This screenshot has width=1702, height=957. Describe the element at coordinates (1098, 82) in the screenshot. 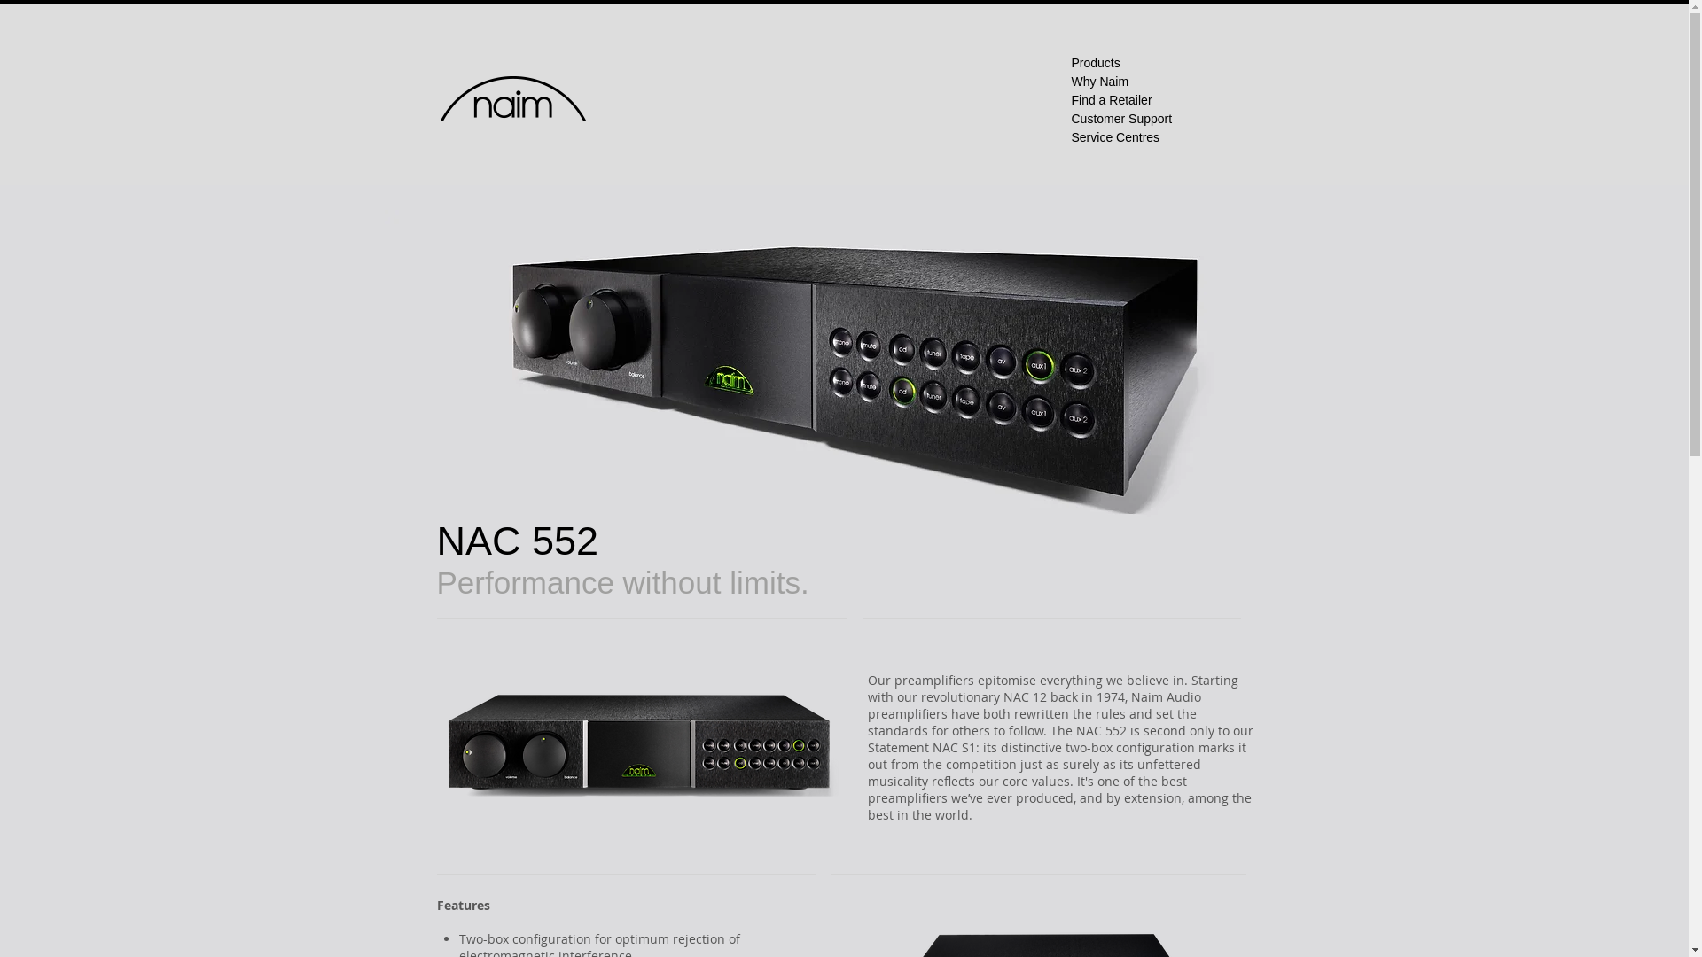

I see `'Why Naim'` at that location.